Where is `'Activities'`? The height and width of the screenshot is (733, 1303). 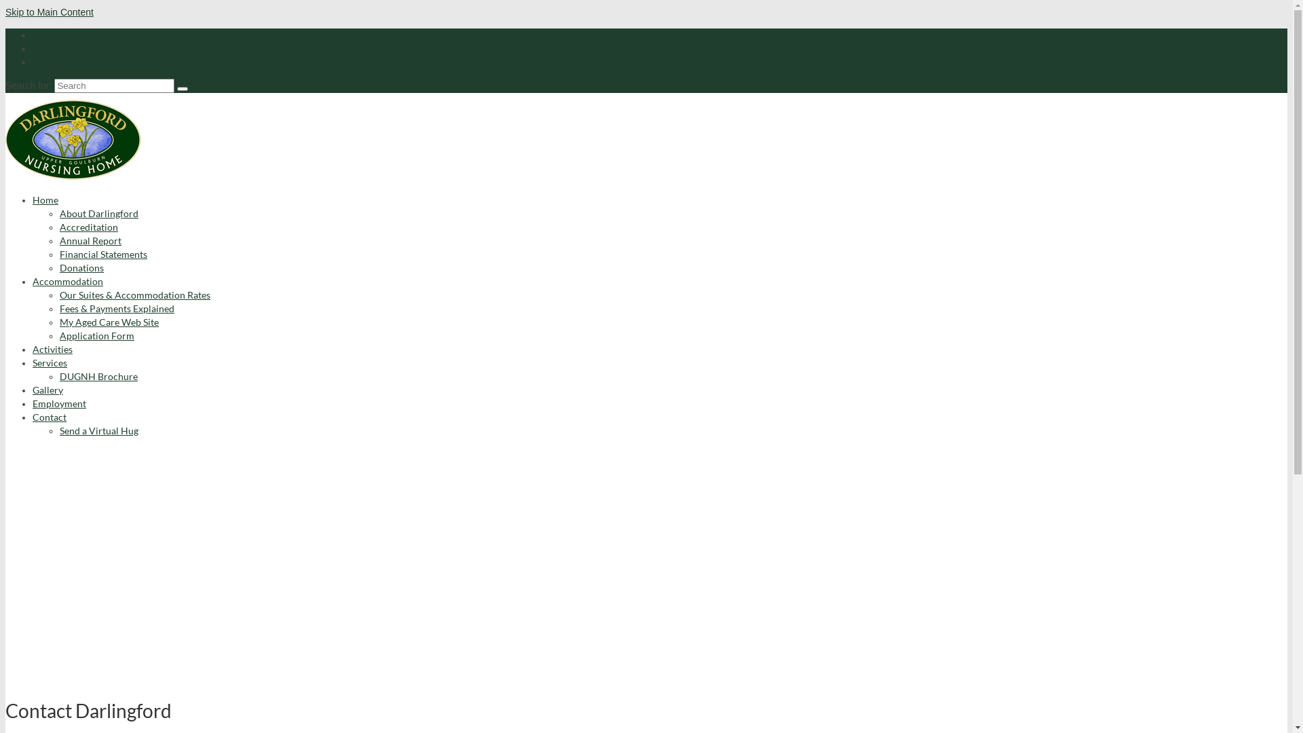 'Activities' is located at coordinates (52, 348).